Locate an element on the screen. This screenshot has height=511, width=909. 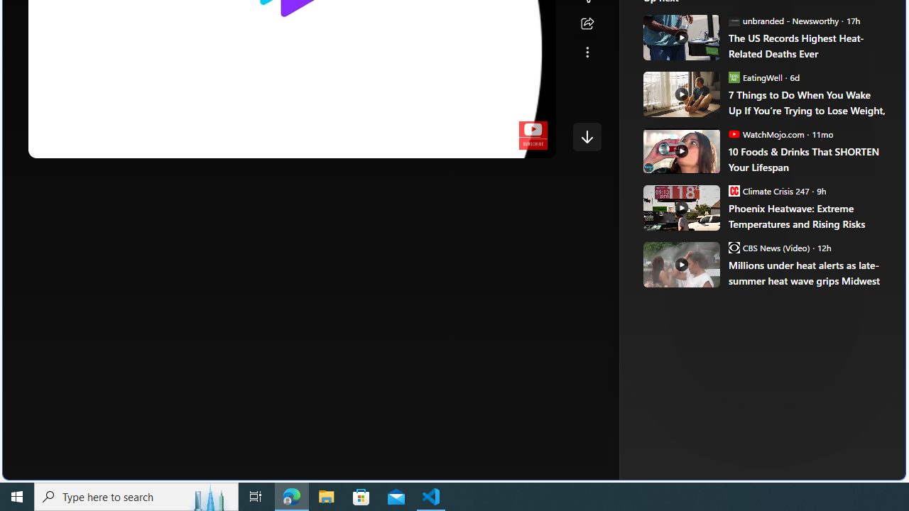
'WatchMojo.com WatchMojo.com' is located at coordinates (766, 133).